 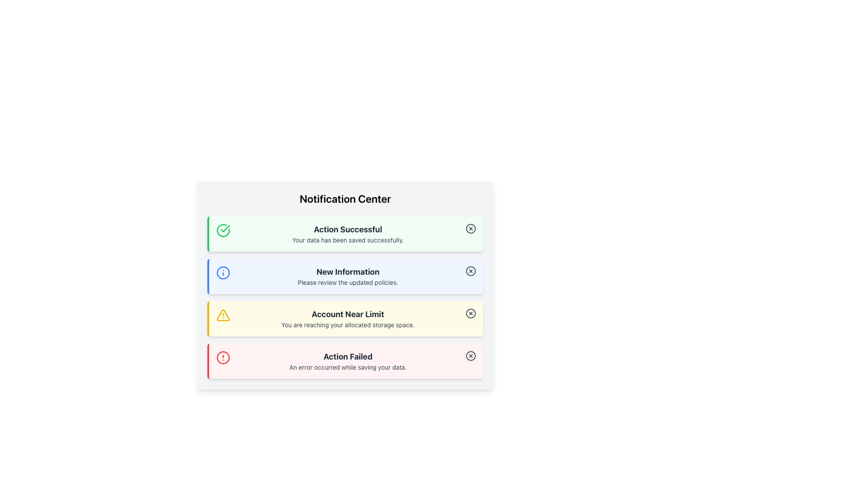 What do you see at coordinates (223, 314) in the screenshot?
I see `the yellow triangular warning icon with a black outline and exclamation mark, located in the 'Account Near Limit' notification section` at bounding box center [223, 314].